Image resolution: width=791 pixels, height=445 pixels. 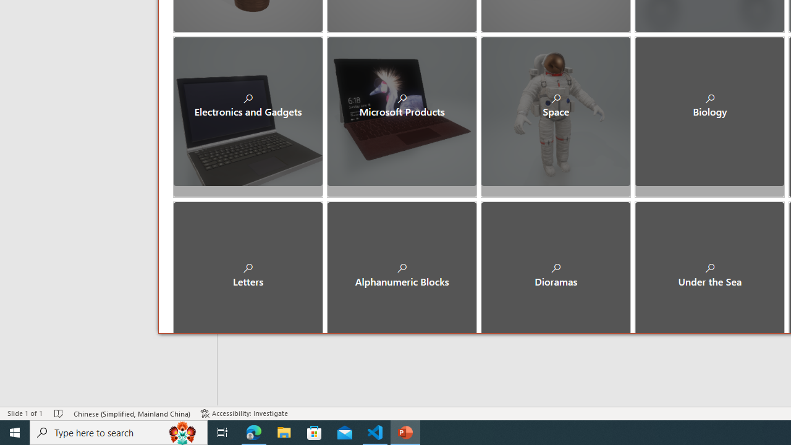 I want to click on 'Letters', so click(x=247, y=265).